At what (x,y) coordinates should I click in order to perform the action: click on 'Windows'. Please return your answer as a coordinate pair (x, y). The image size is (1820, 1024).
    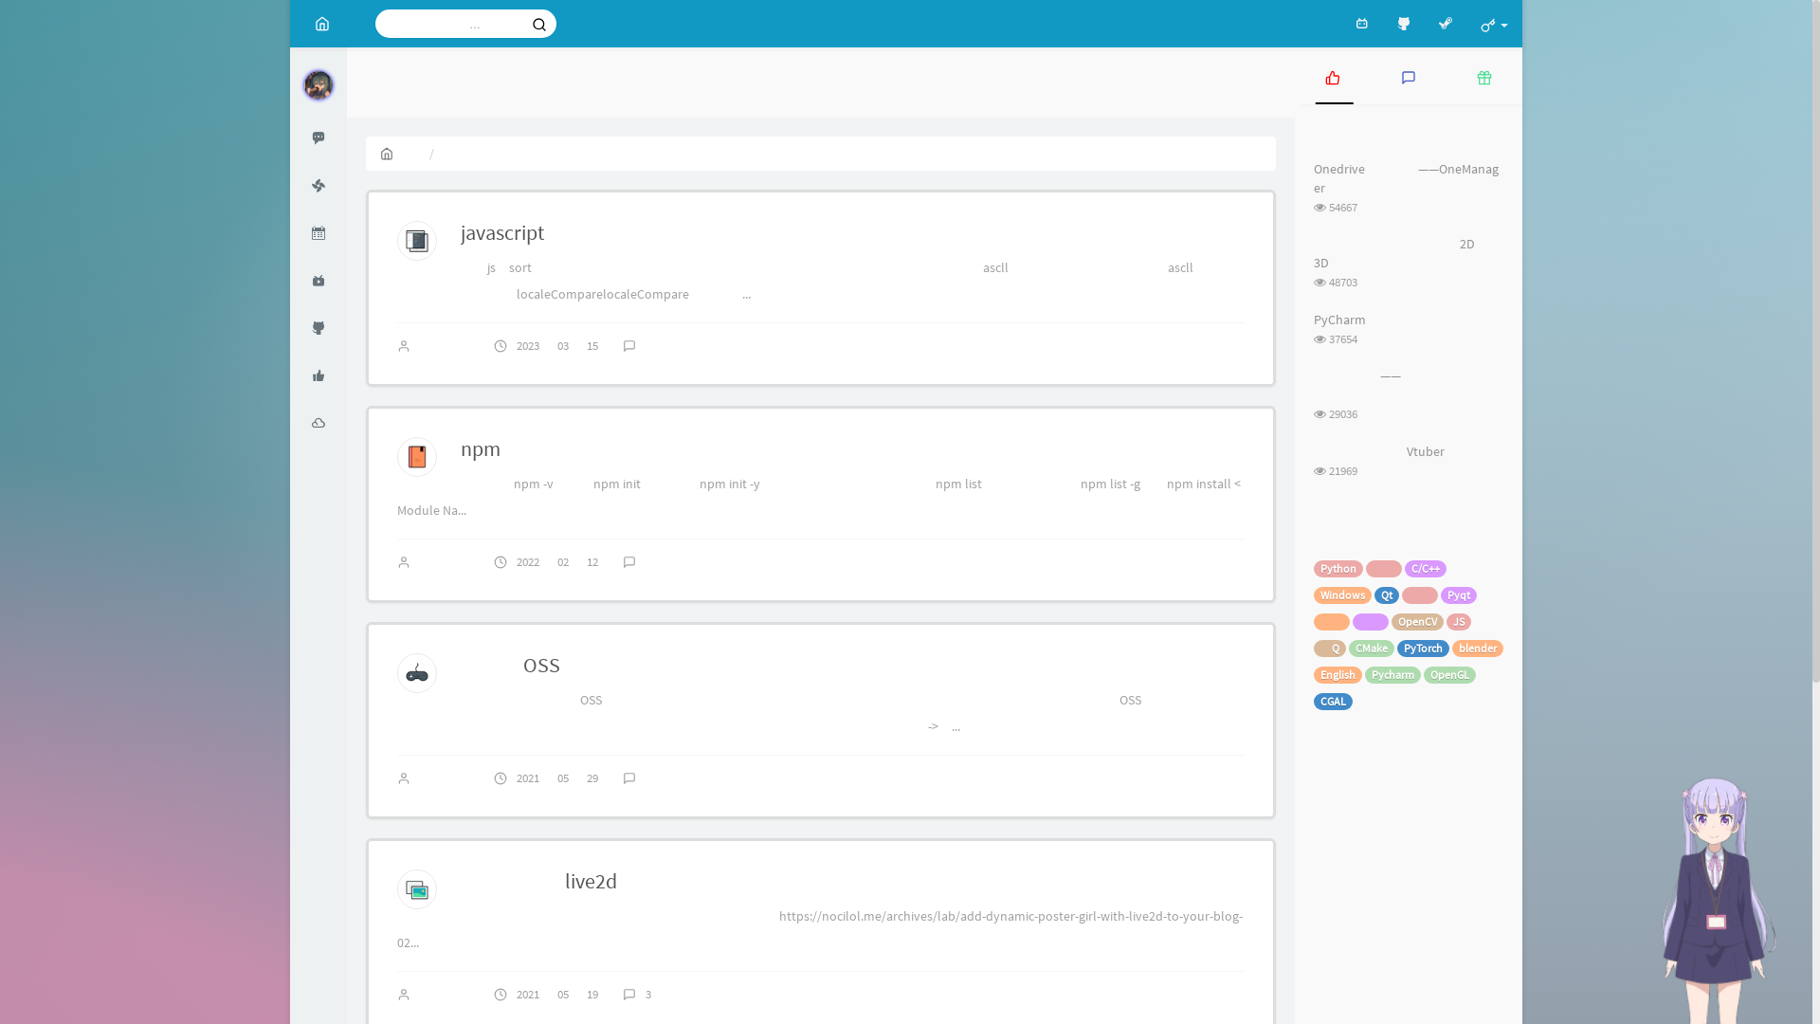
    Looking at the image, I should click on (1341, 594).